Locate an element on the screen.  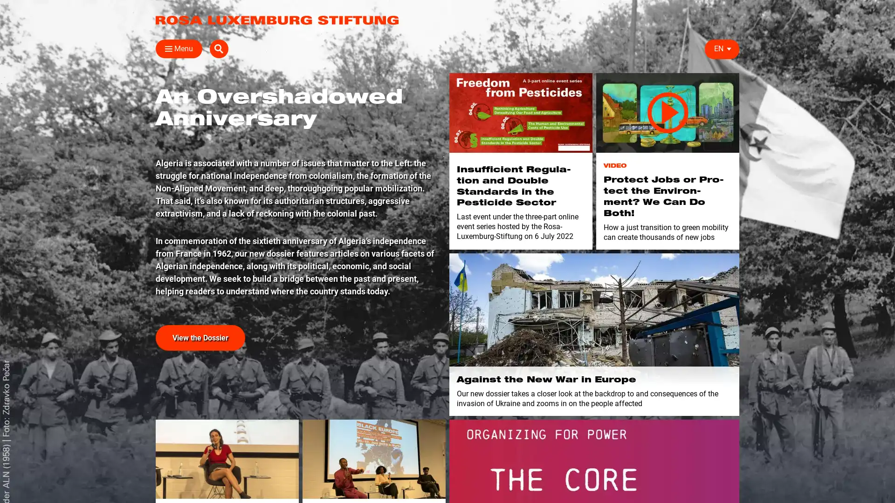
Show more / less is located at coordinates (151, 169).